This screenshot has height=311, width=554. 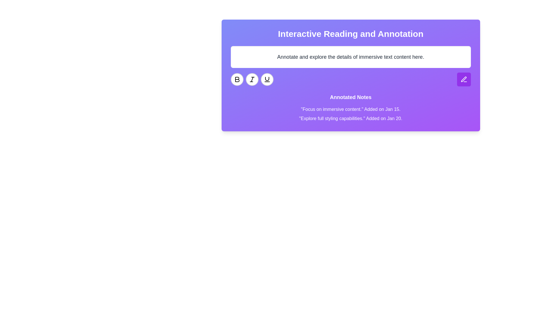 I want to click on the underline Icon button, which is the fourth button in the horizontal toolbar beneath the input field, so click(x=267, y=79).